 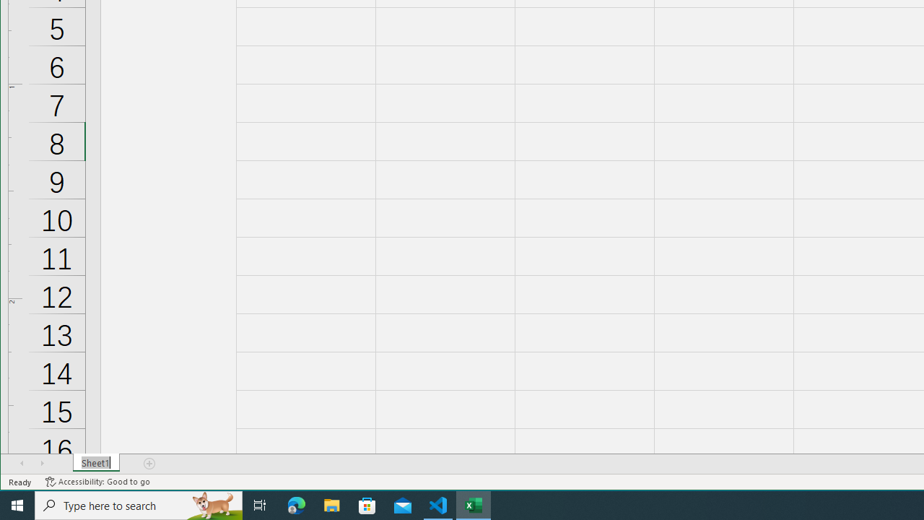 I want to click on 'File Explorer', so click(x=331, y=504).